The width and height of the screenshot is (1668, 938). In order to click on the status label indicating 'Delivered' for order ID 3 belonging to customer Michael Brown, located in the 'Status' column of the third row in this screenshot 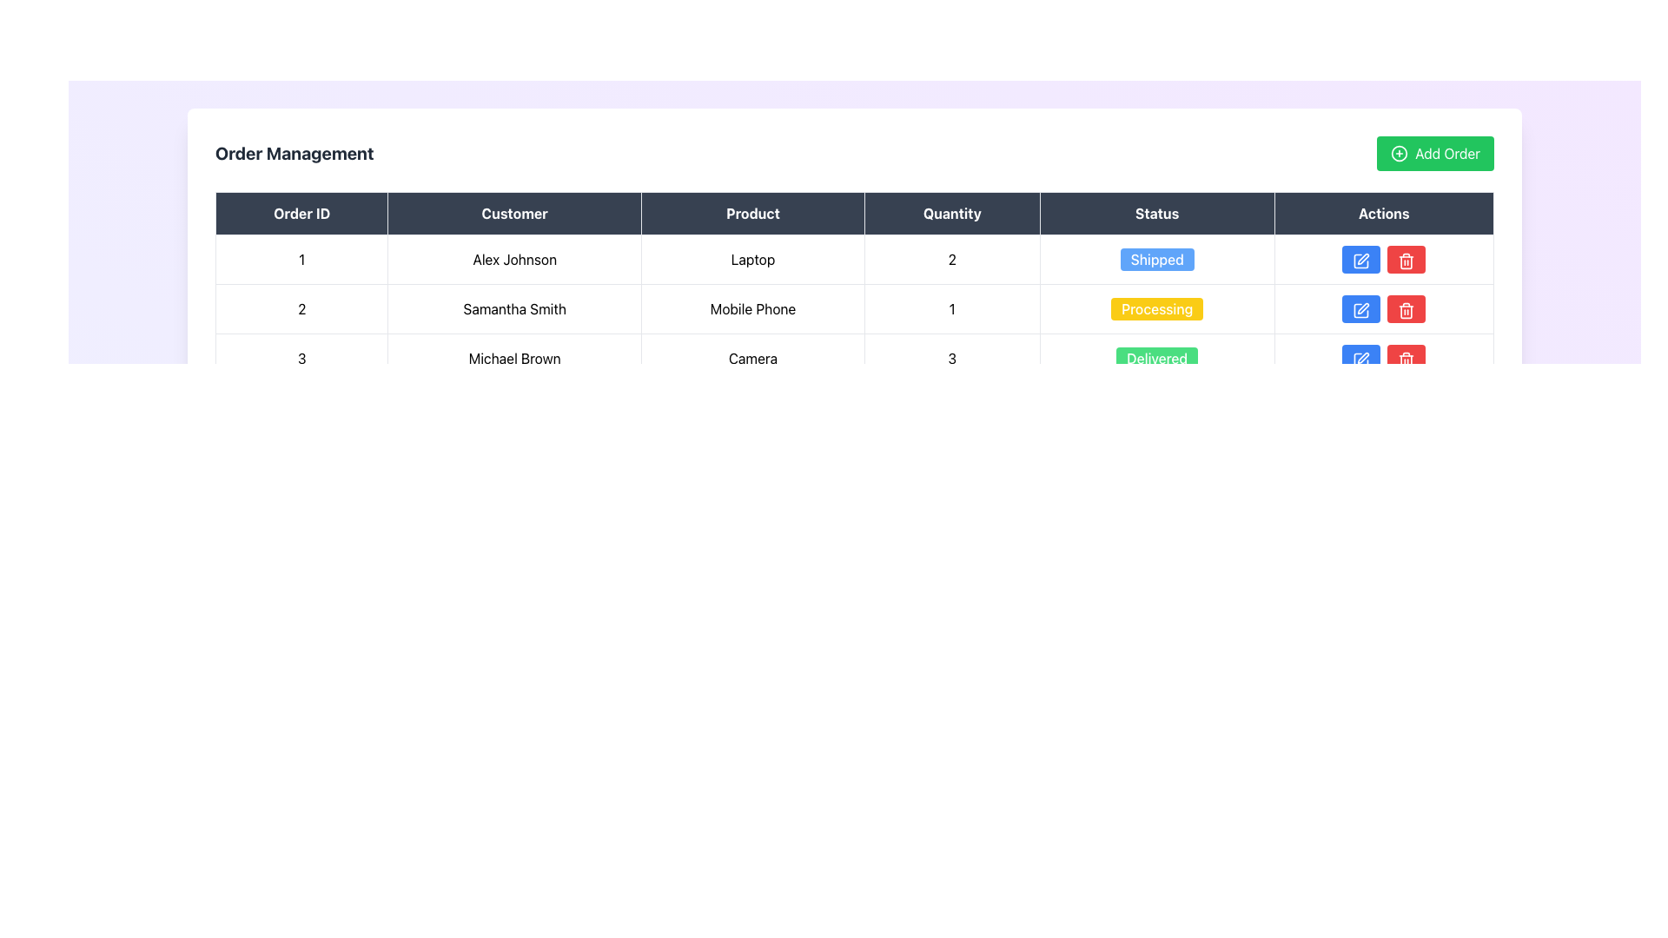, I will do `click(1157, 357)`.